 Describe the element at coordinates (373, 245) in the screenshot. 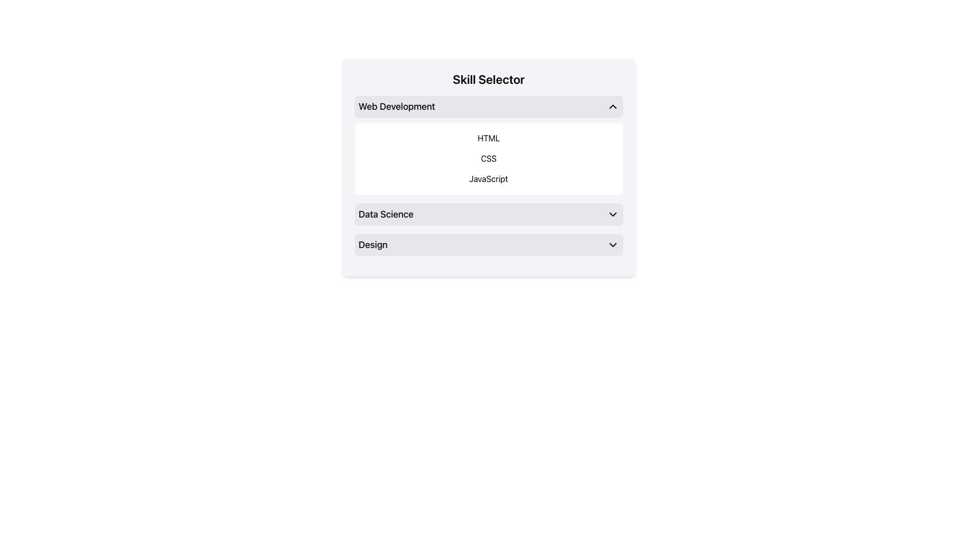

I see `the 'Design' text label located in the 'Design' section beneath the 'Data Science' header in the 'Skill Selector' interface` at that location.